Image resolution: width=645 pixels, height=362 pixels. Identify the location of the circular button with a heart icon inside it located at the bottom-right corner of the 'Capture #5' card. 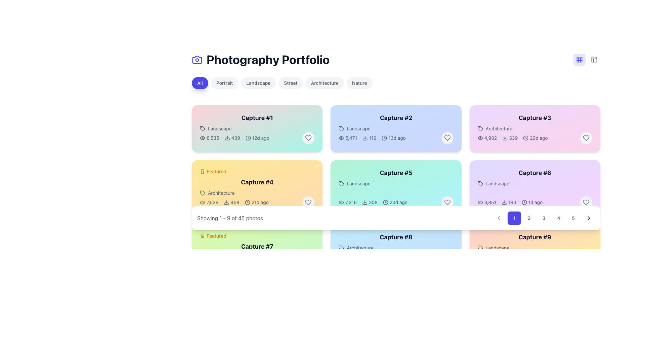
(447, 202).